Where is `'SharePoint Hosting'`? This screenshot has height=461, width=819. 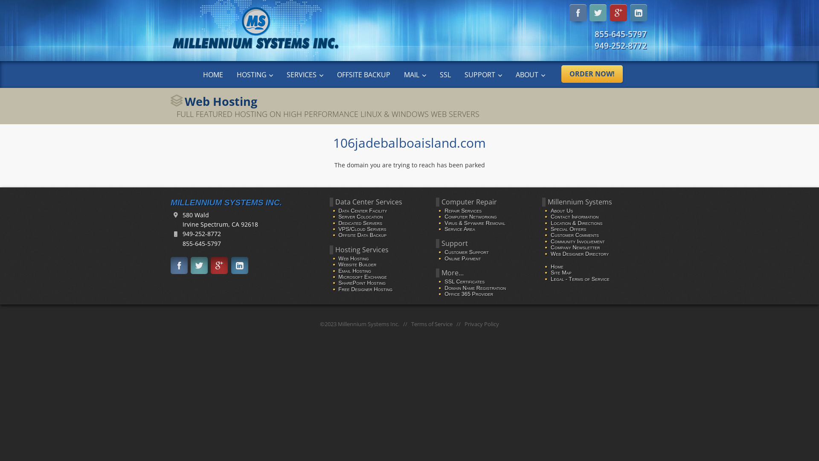 'SharePoint Hosting' is located at coordinates (362, 283).